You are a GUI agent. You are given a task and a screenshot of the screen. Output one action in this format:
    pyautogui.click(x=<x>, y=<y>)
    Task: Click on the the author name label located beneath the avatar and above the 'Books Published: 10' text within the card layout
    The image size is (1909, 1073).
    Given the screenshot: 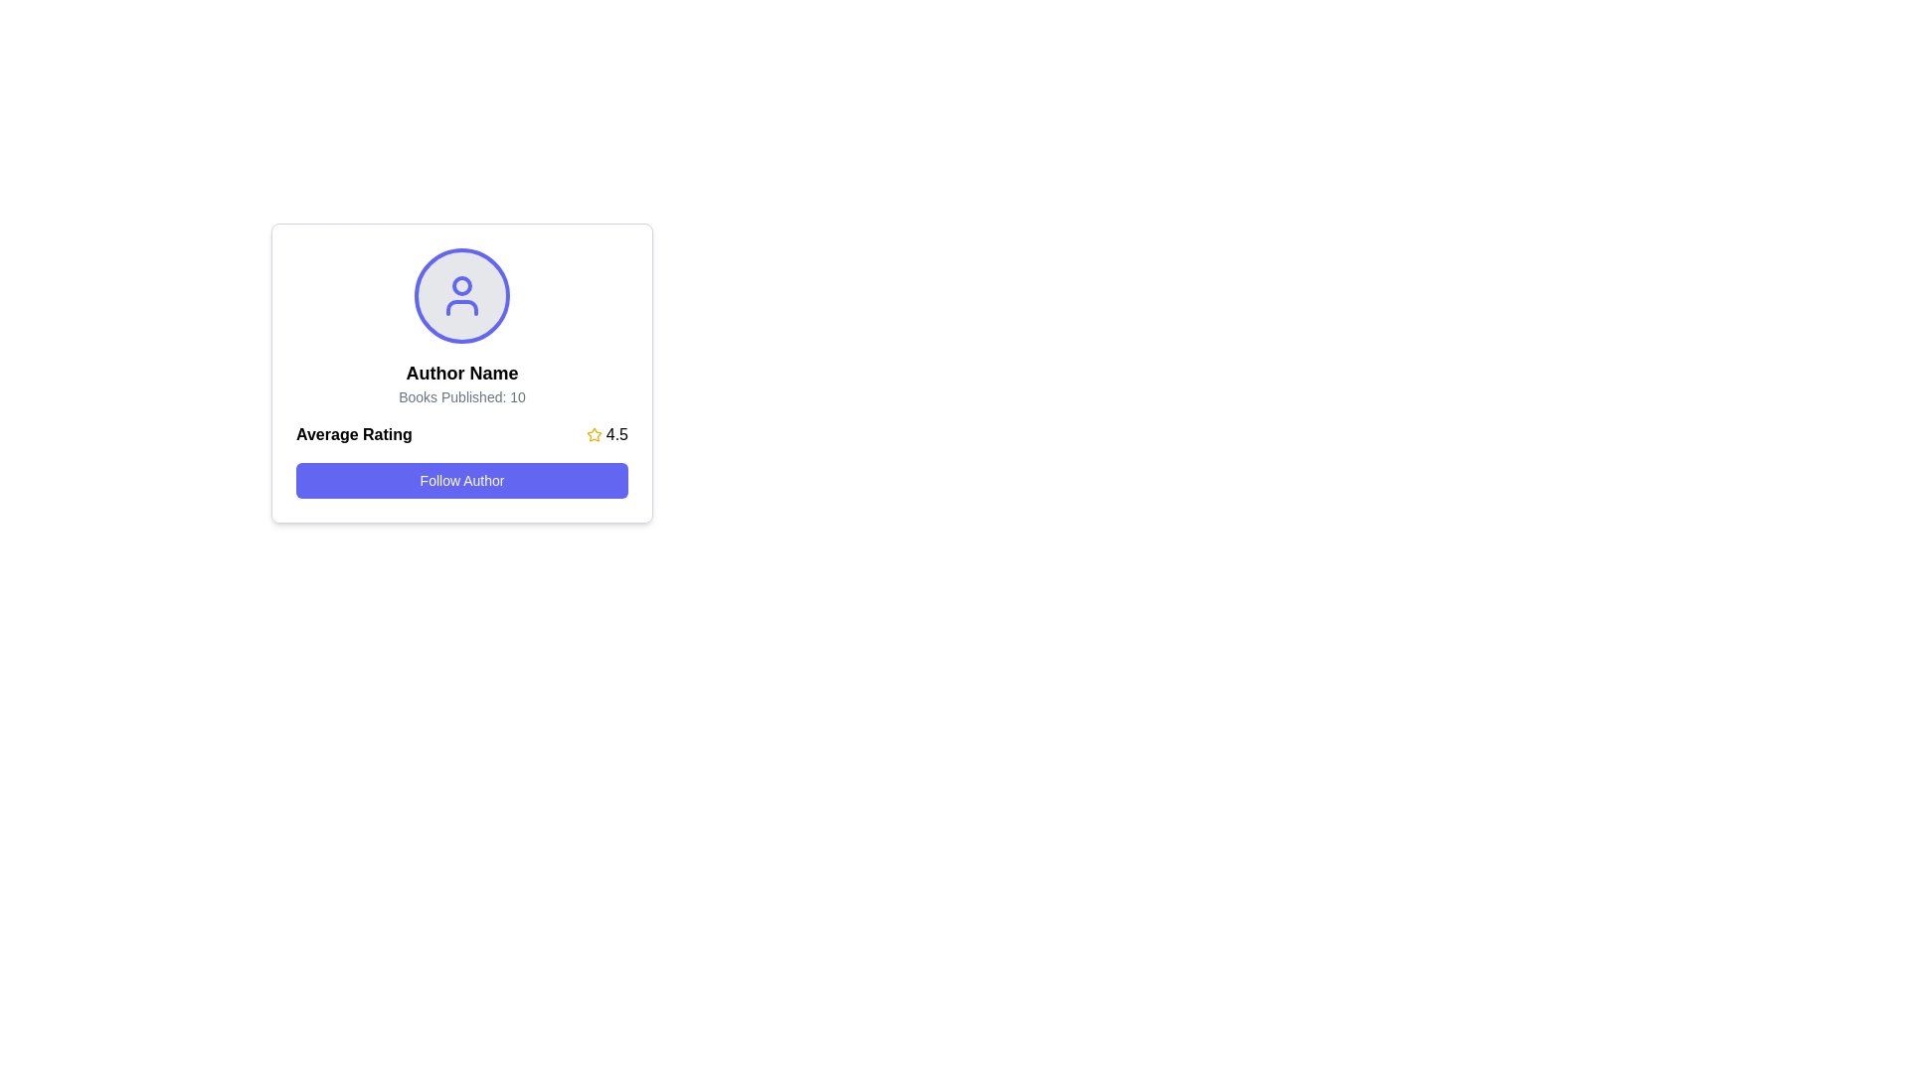 What is the action you would take?
    pyautogui.click(x=461, y=373)
    